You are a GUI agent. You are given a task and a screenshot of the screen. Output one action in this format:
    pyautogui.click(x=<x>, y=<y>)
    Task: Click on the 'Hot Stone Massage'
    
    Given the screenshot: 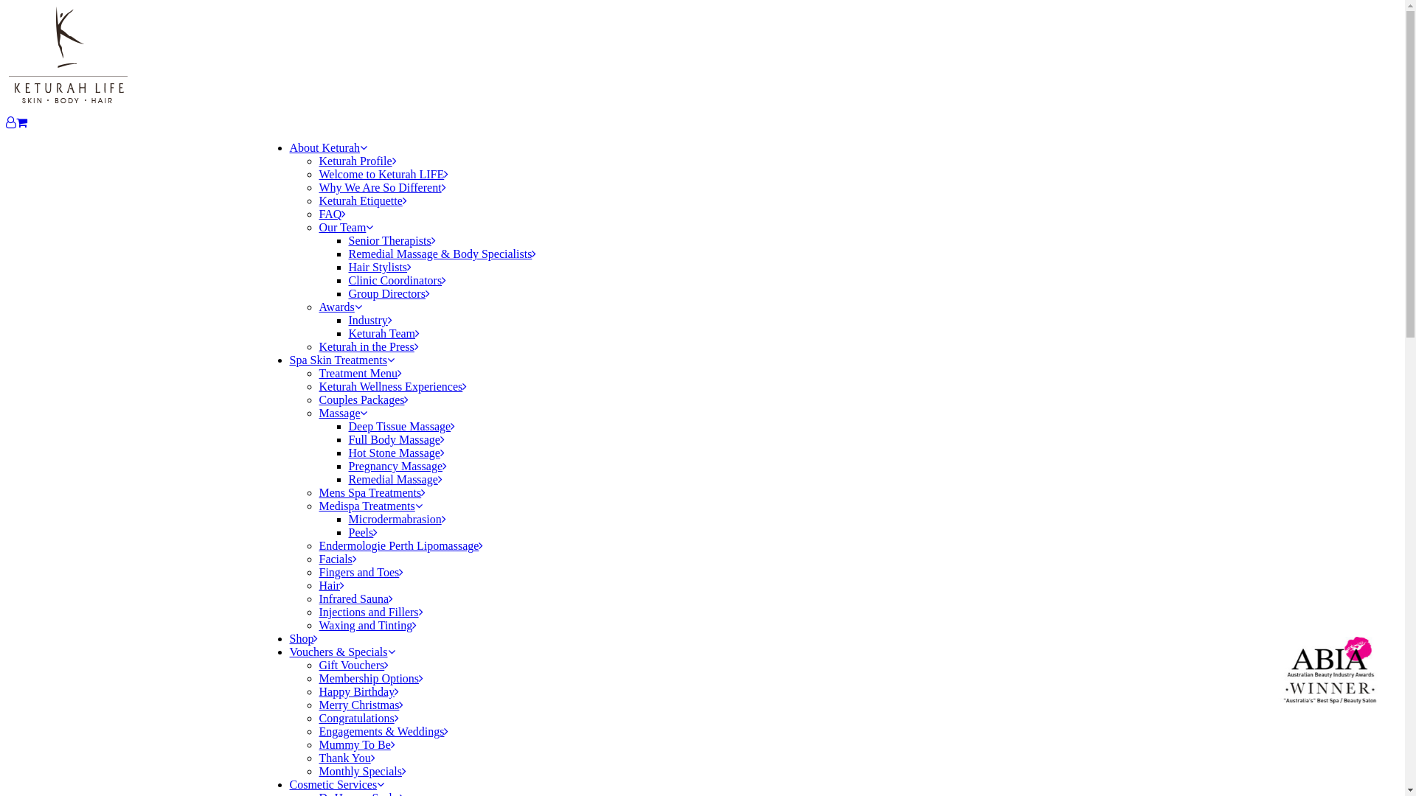 What is the action you would take?
    pyautogui.click(x=396, y=452)
    